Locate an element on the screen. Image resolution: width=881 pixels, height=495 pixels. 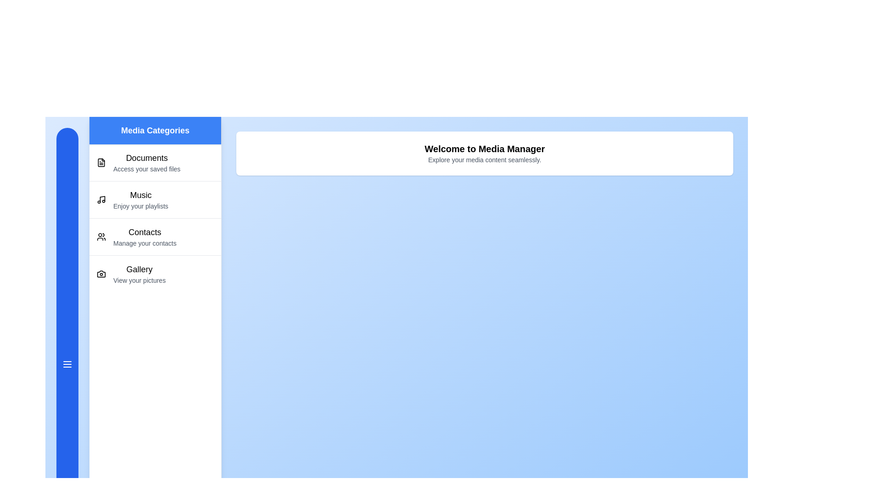
the menu button to toggle the drawer is located at coordinates (67, 363).